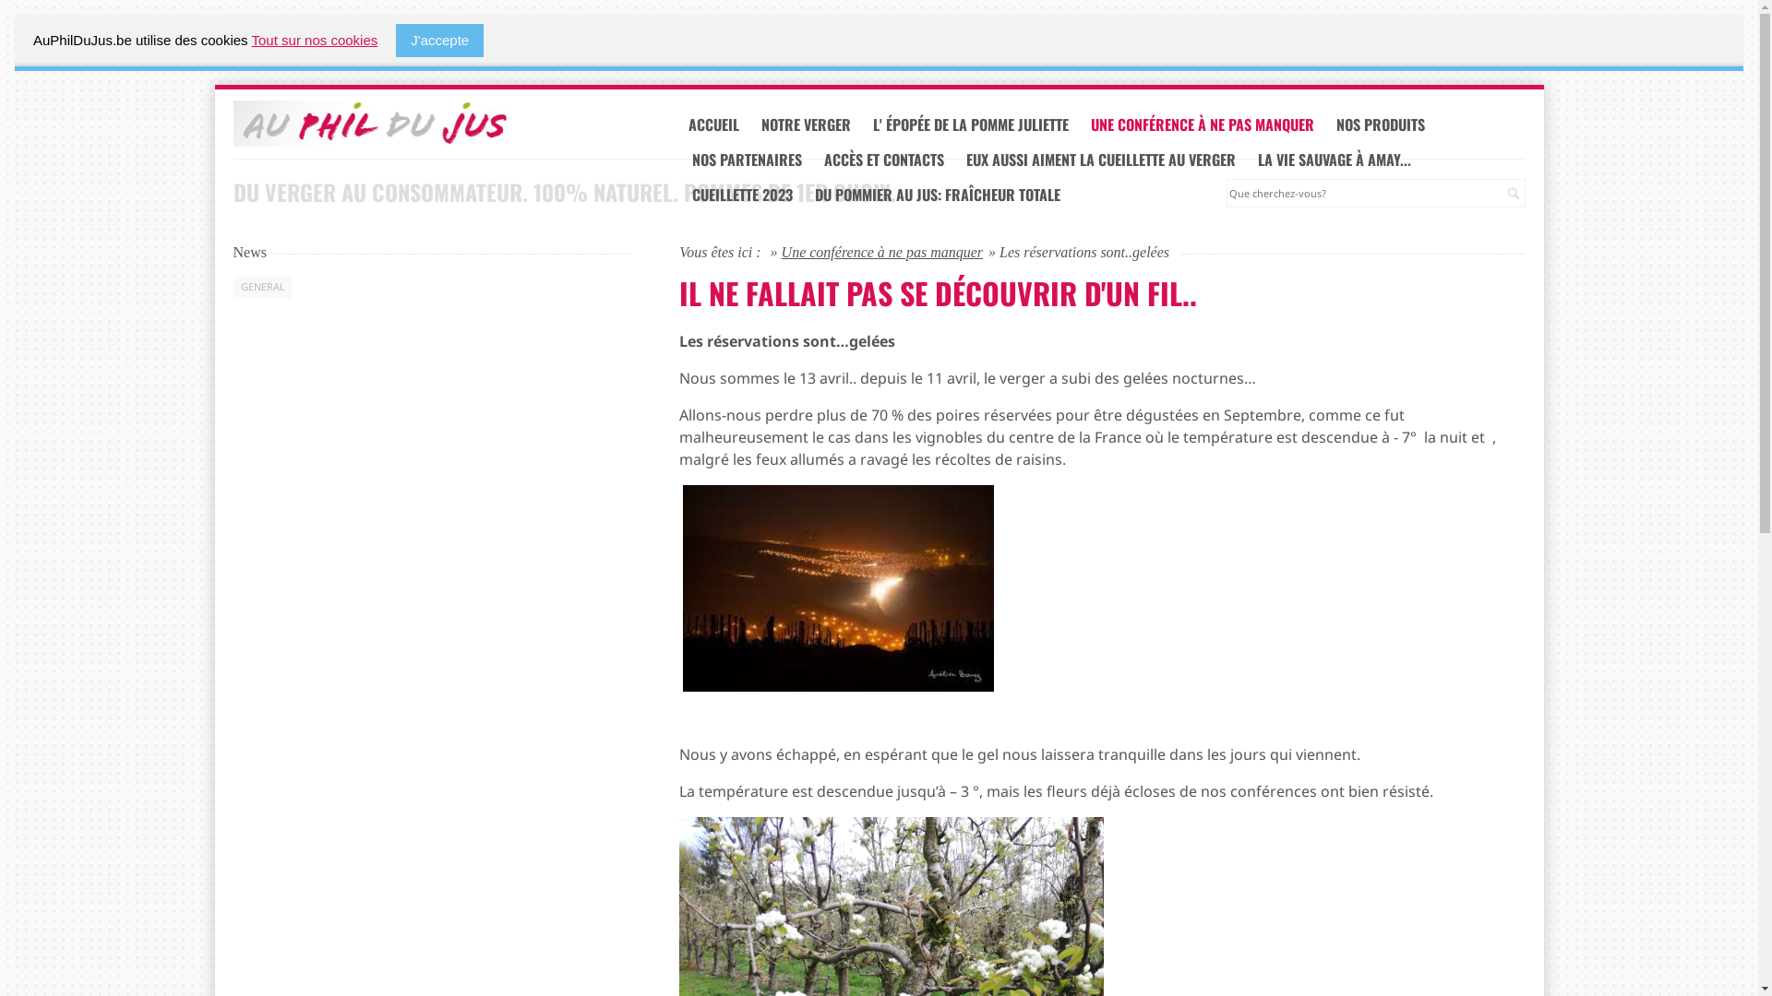  I want to click on 'ACCUEIL', so click(711, 125).